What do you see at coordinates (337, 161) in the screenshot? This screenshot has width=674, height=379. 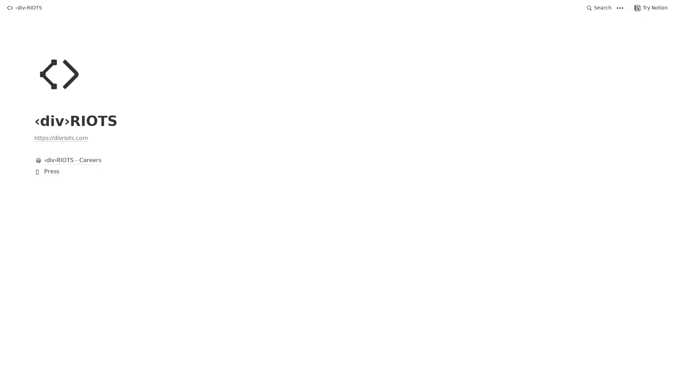 I see `divRIOTS - Careers` at bounding box center [337, 161].